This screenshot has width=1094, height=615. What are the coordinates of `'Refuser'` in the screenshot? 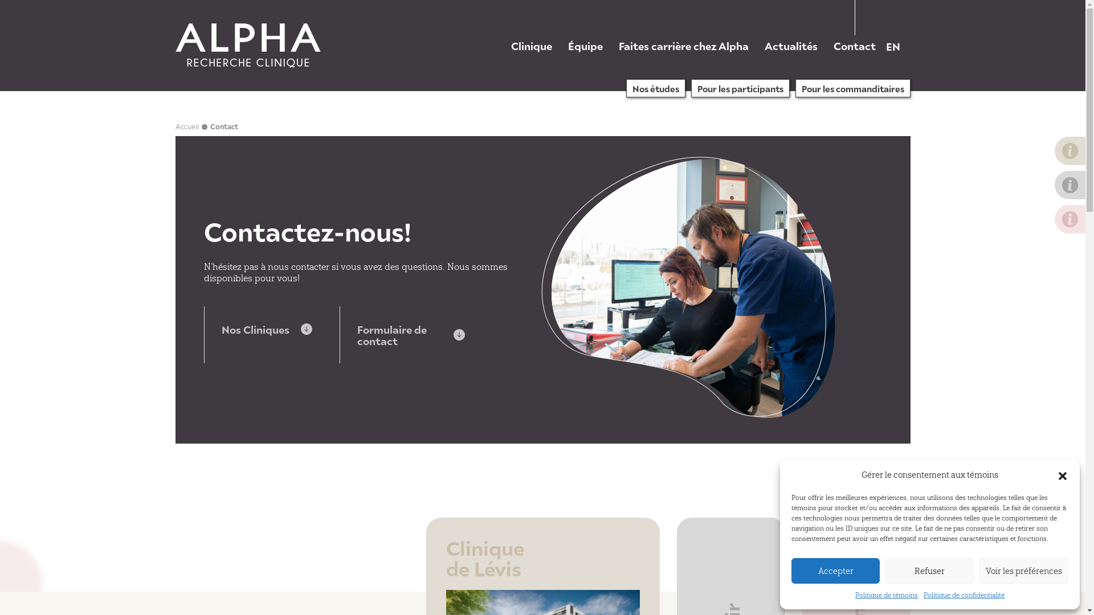 It's located at (929, 571).